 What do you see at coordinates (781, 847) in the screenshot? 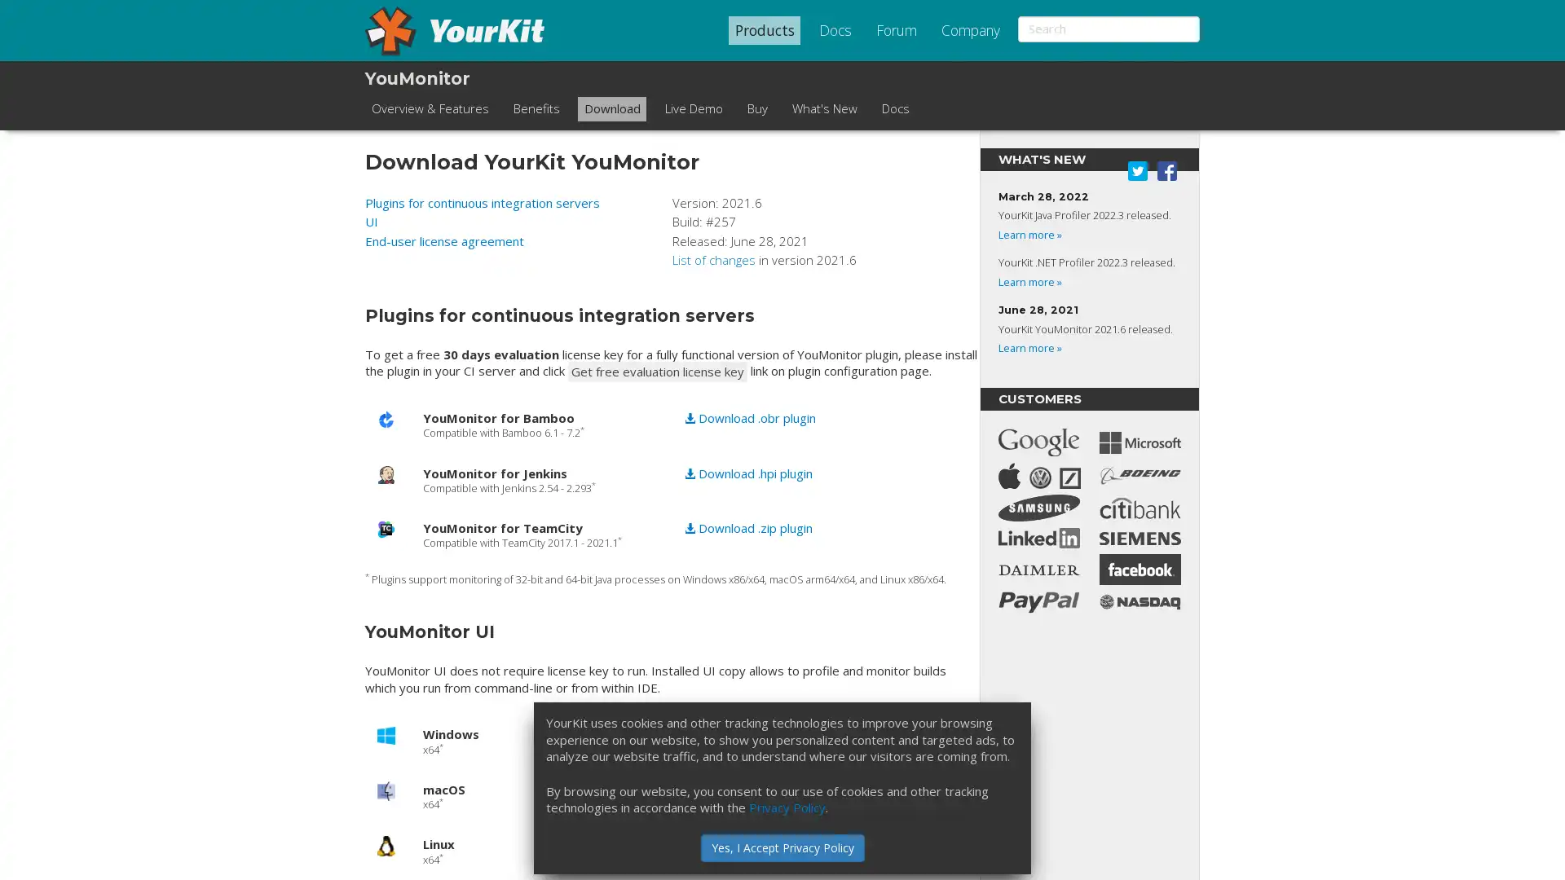
I see `Yes, I Accept Privacy Policy` at bounding box center [781, 847].